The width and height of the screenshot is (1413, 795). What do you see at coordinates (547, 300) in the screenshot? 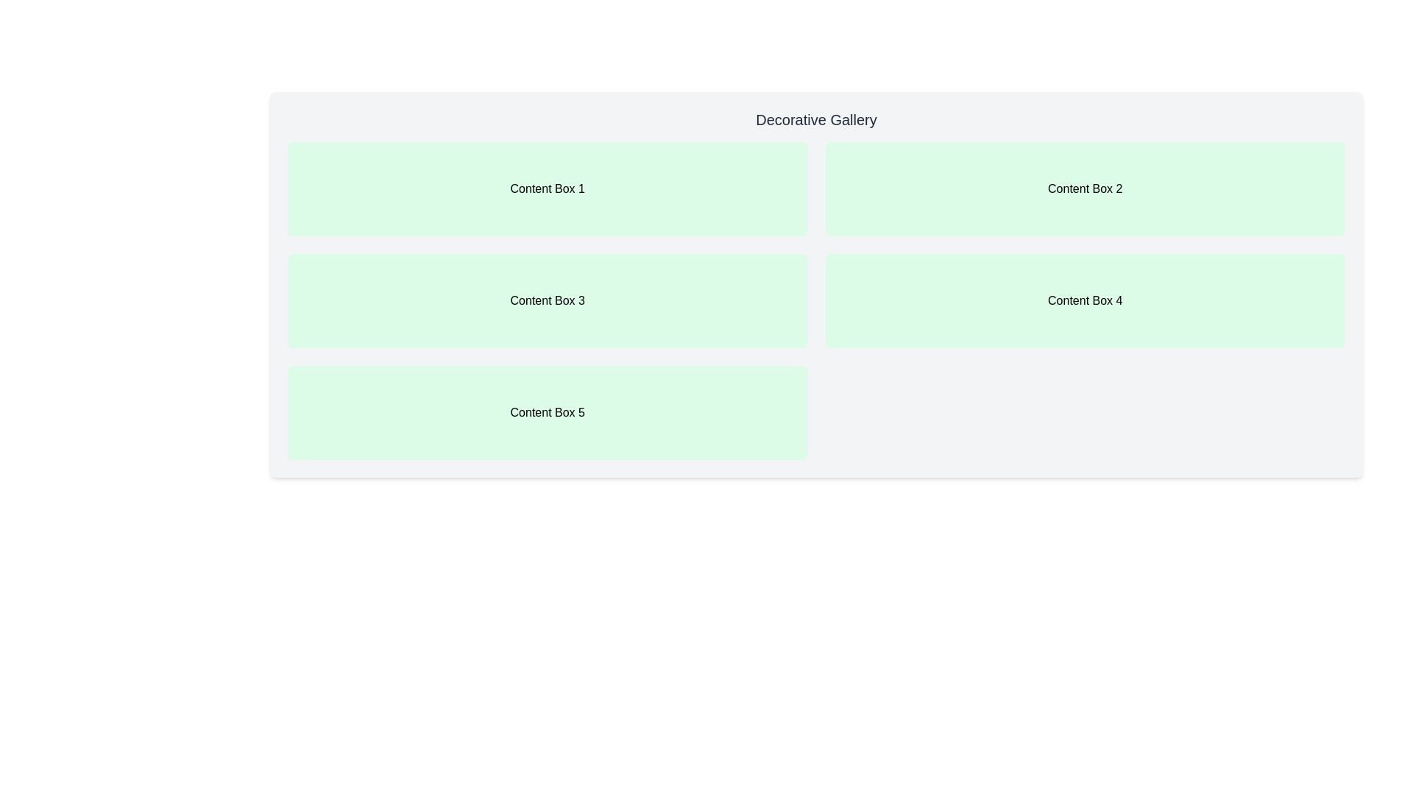
I see `the Static content box labeled 'Content Box 3', which is located in the second row, left column of the grid layout` at bounding box center [547, 300].